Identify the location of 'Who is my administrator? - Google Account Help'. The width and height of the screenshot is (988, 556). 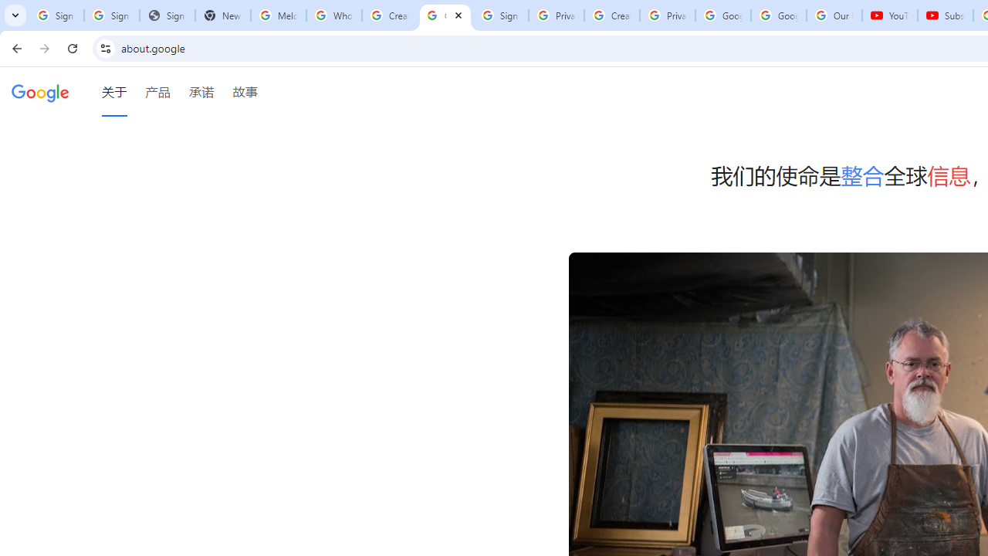
(333, 15).